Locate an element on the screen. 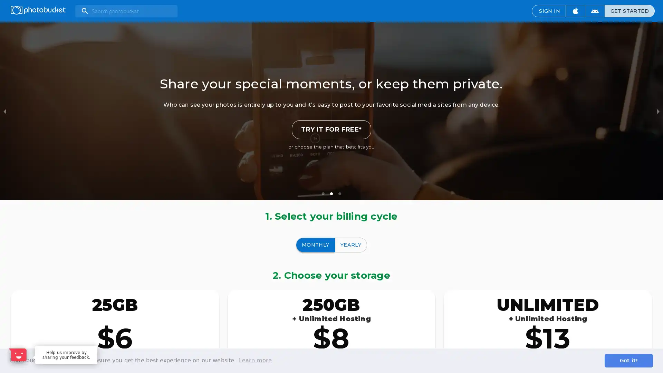 The height and width of the screenshot is (373, 663). learn more about cookies is located at coordinates (255, 360).